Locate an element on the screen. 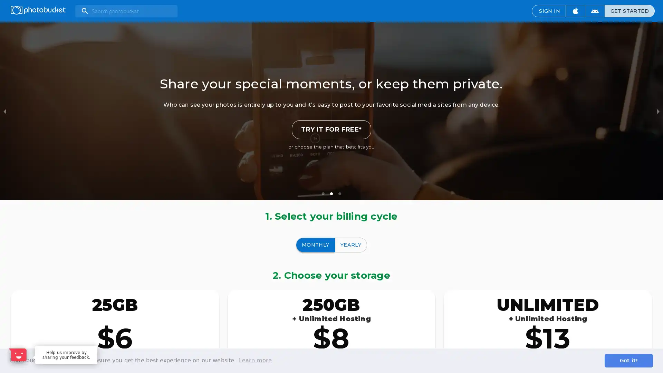 The height and width of the screenshot is (373, 663). learn more about cookies is located at coordinates (255, 360).